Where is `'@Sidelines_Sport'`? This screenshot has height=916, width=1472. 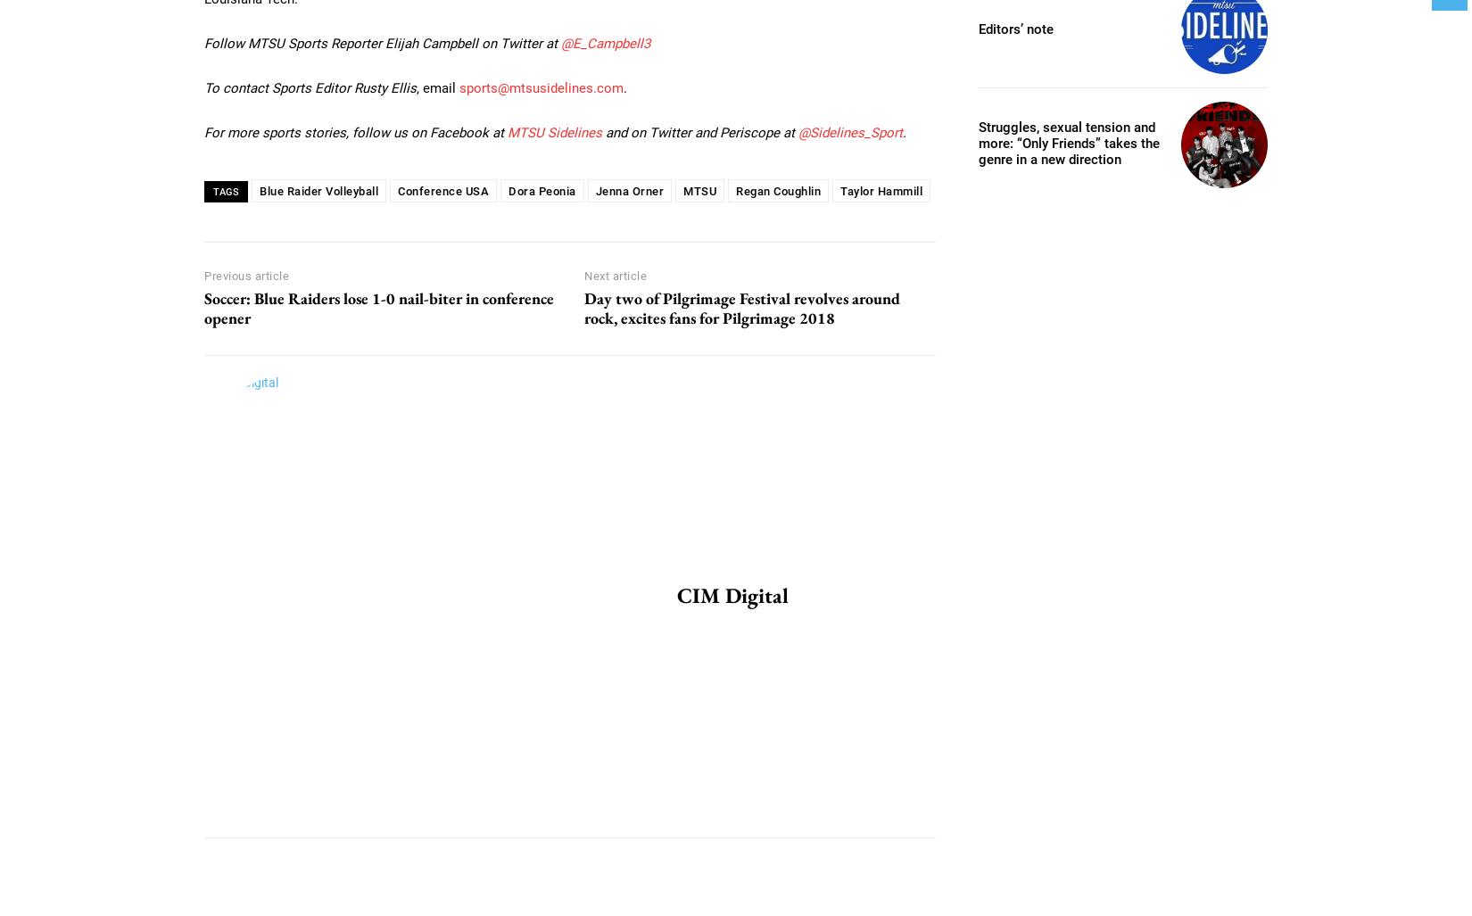 '@Sidelines_Sport' is located at coordinates (798, 131).